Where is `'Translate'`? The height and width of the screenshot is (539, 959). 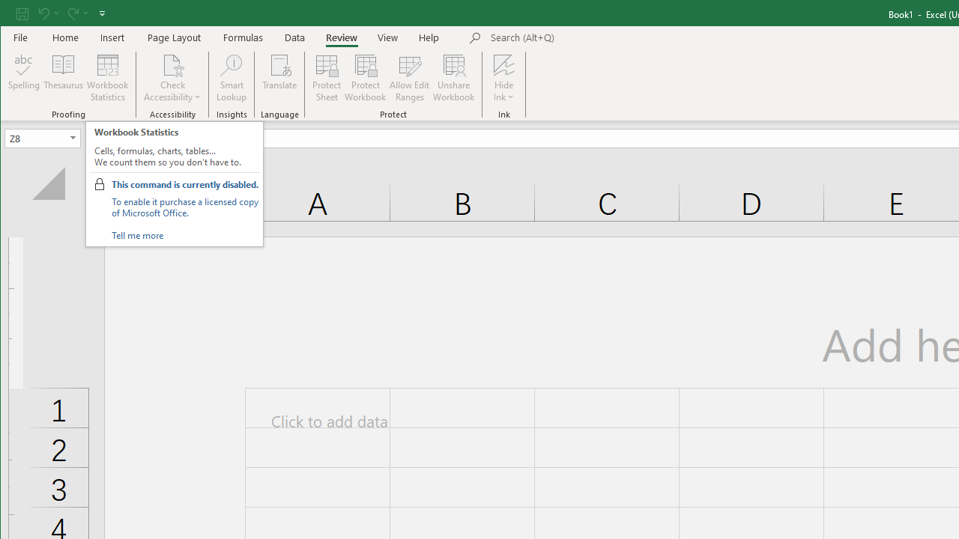
'Translate' is located at coordinates (279, 78).